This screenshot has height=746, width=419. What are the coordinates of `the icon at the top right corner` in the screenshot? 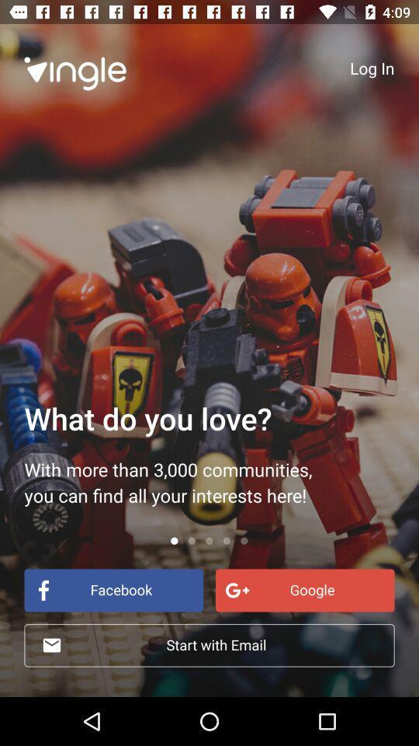 It's located at (371, 68).